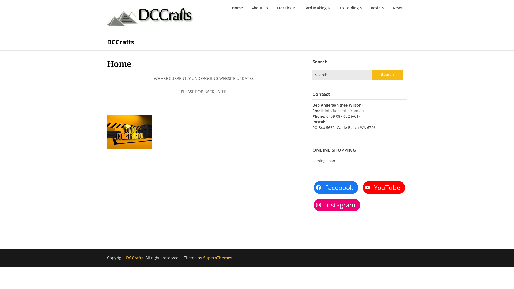  I want to click on 'Mosaics', so click(285, 8).